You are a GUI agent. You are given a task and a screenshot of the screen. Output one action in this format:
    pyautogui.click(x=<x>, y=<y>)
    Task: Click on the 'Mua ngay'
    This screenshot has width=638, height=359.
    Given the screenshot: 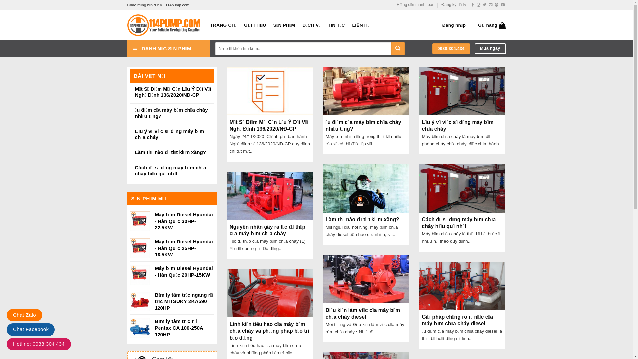 What is the action you would take?
    pyautogui.click(x=490, y=48)
    